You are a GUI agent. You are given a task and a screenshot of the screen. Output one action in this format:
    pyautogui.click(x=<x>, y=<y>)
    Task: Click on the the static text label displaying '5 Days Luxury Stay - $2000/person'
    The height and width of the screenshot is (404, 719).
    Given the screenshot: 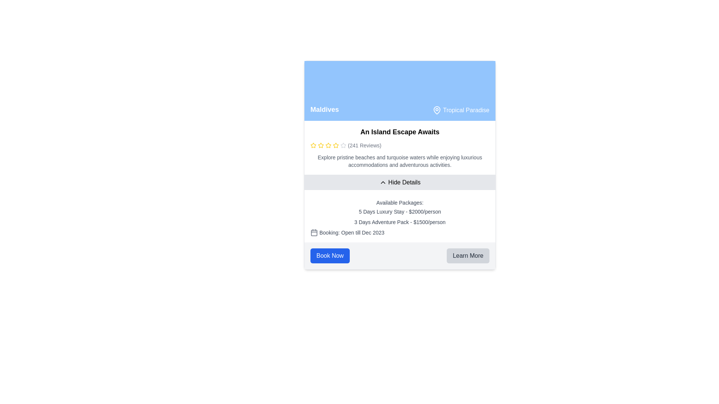 What is the action you would take?
    pyautogui.click(x=400, y=212)
    